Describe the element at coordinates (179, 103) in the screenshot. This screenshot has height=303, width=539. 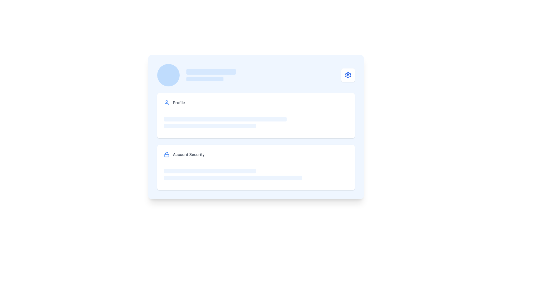
I see `the 'Profile' label, which is a small, gray text-based label associated with a user profile icon` at that location.